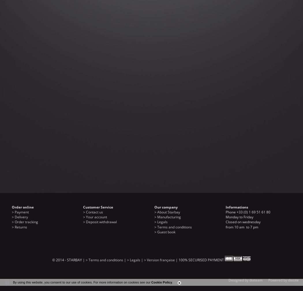  Describe the element at coordinates (243, 222) in the screenshot. I see `'Closed on wednesday'` at that location.